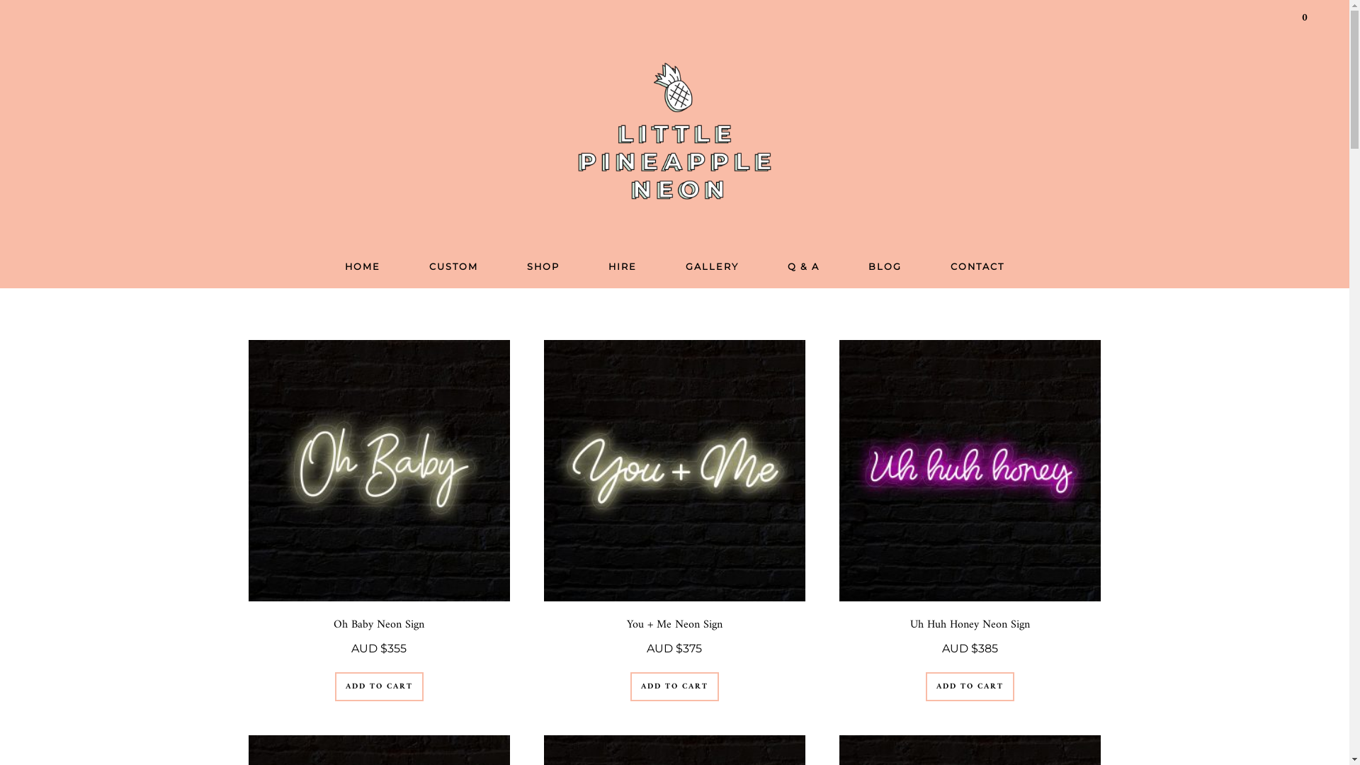 This screenshot has width=1360, height=765. What do you see at coordinates (543, 267) in the screenshot?
I see `'SHOP'` at bounding box center [543, 267].